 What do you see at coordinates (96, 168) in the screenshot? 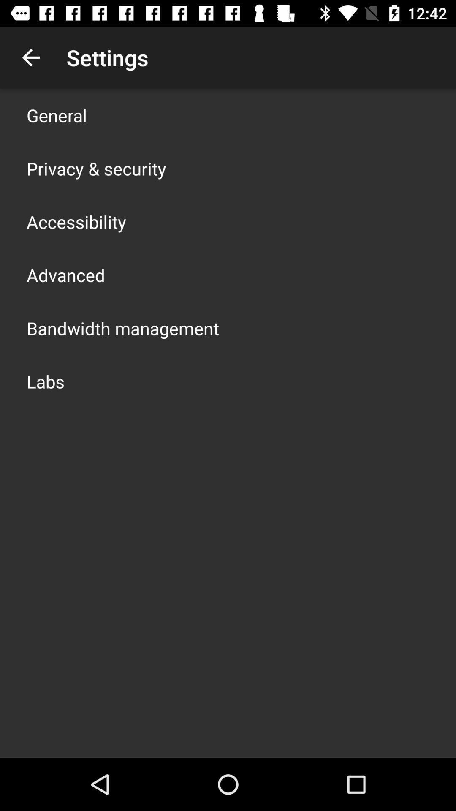
I see `the icon below the general icon` at bounding box center [96, 168].